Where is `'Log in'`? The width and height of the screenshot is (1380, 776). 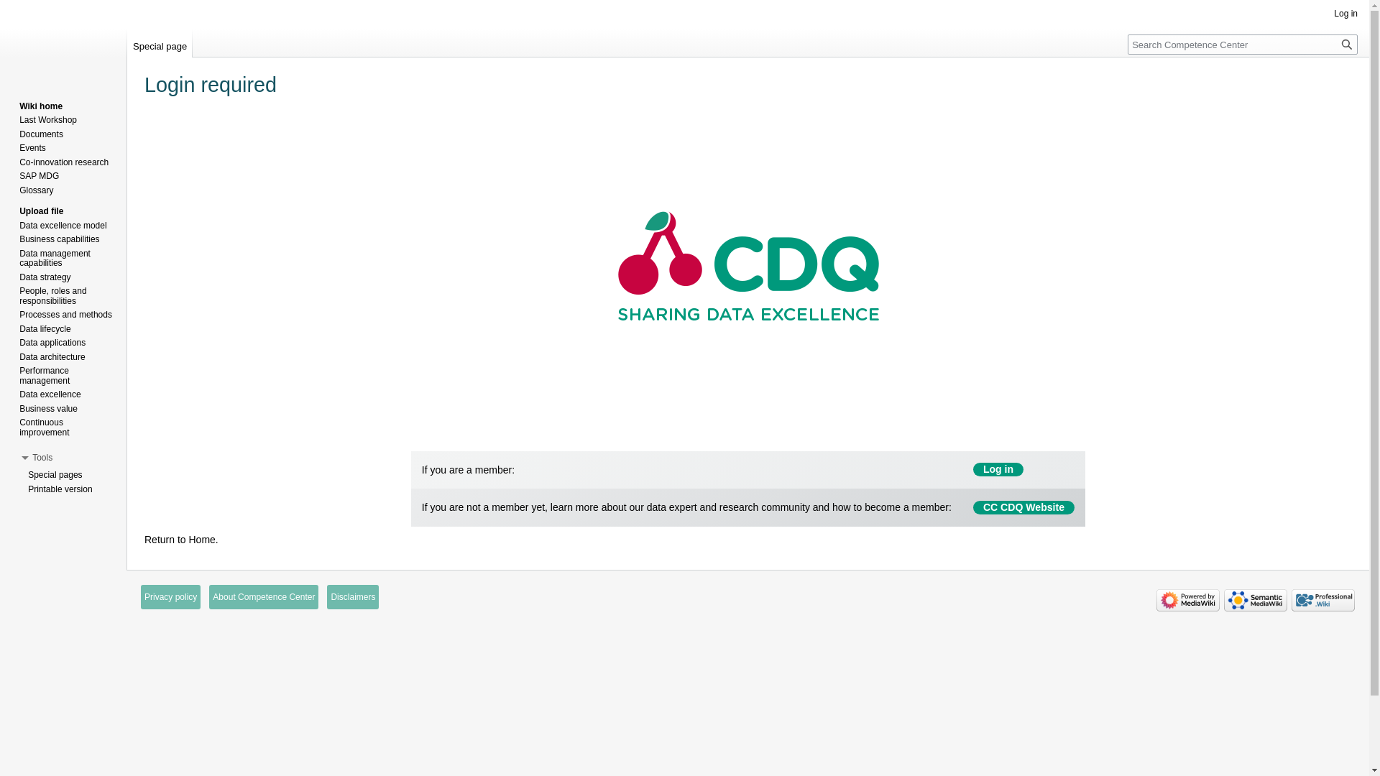 'Log in' is located at coordinates (997, 470).